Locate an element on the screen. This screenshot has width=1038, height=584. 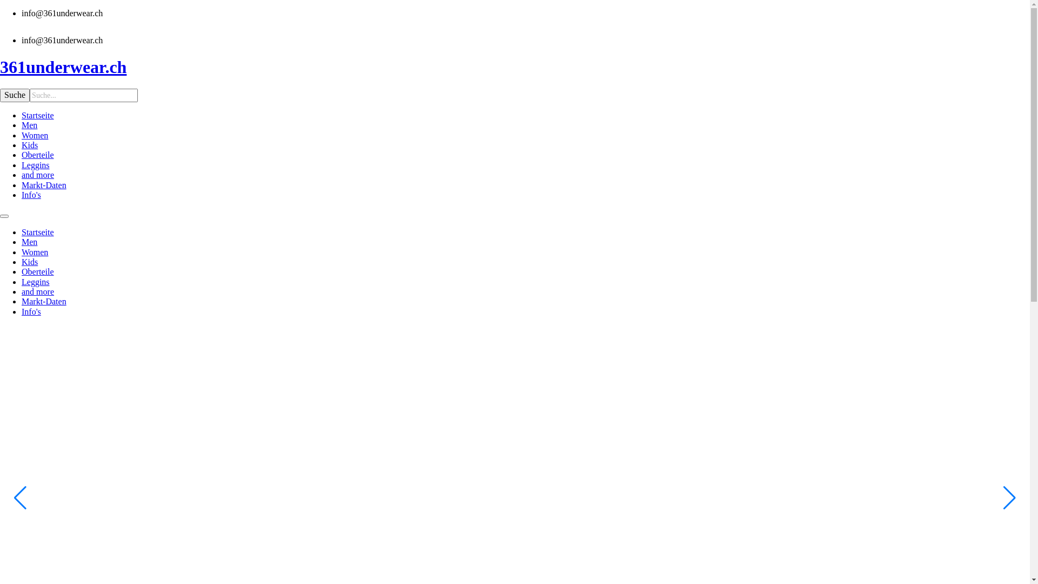
'Oberteile' is located at coordinates (38, 271).